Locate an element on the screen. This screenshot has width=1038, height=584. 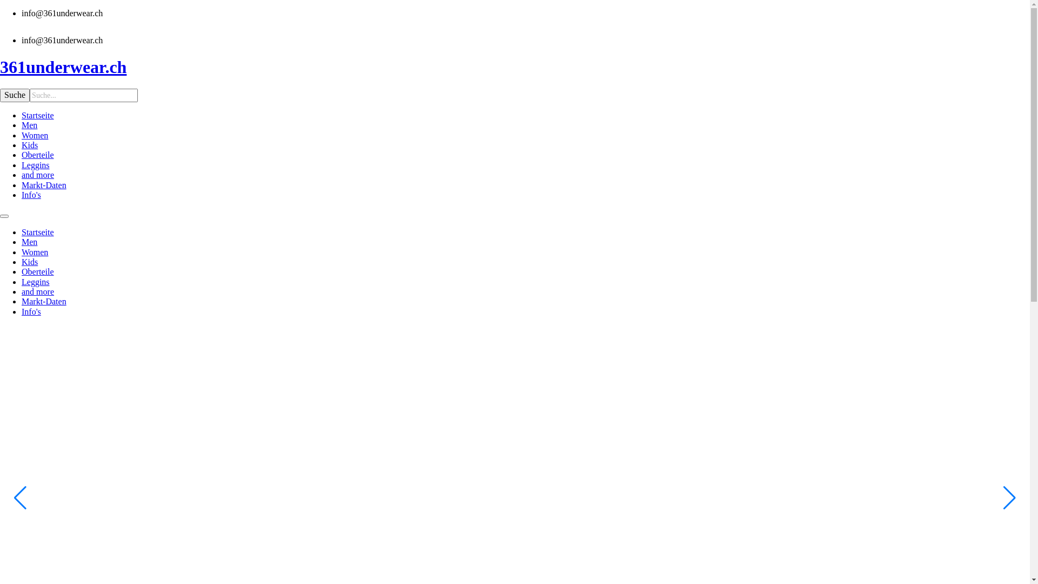
'Oberteile' is located at coordinates (38, 271).